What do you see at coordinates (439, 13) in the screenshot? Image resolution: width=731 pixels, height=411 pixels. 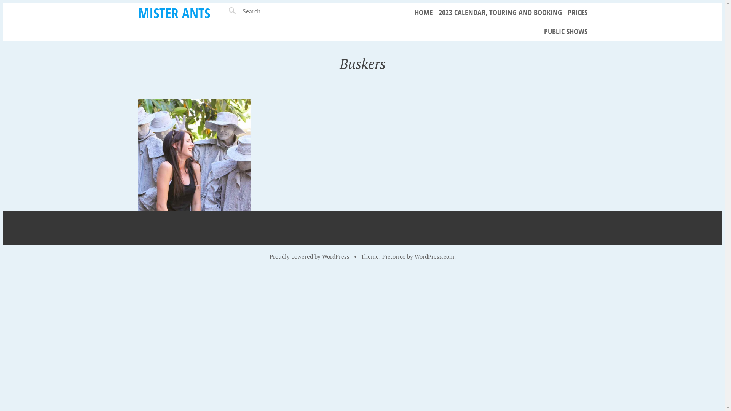 I see `'2023 CALENDAR, TOURING AND BOOKING'` at bounding box center [439, 13].